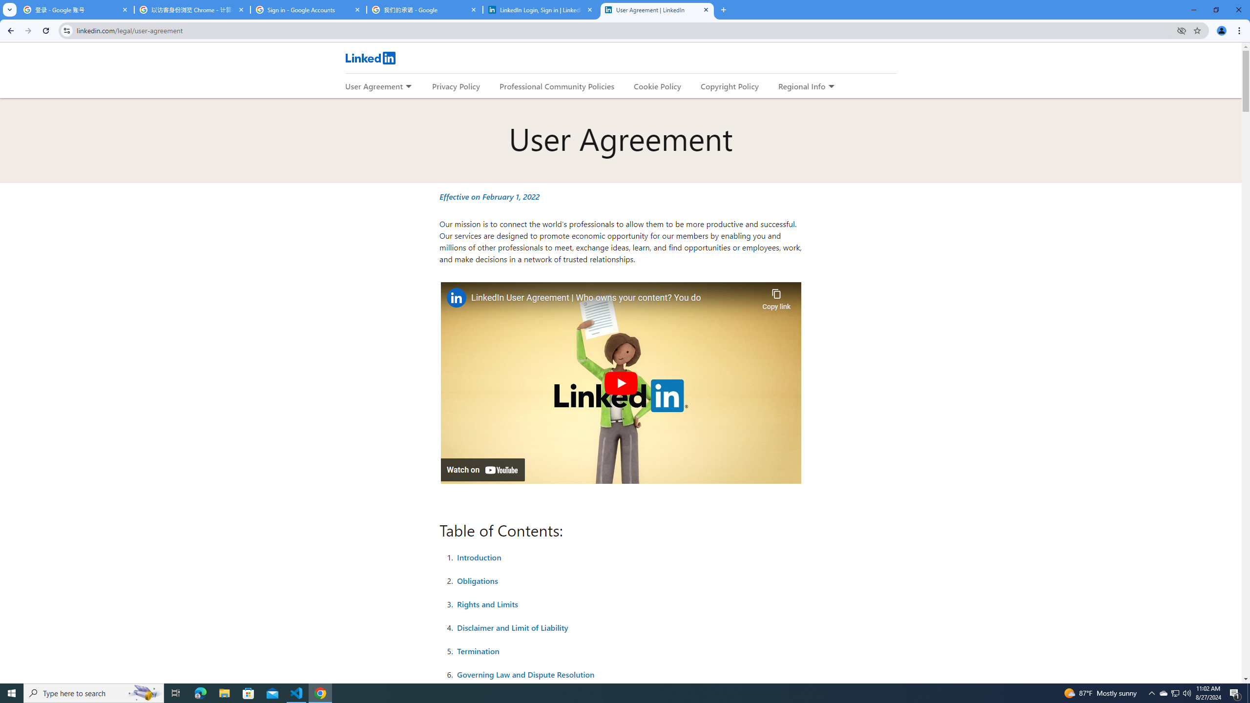 This screenshot has width=1250, height=703. What do you see at coordinates (478, 650) in the screenshot?
I see `'Termination'` at bounding box center [478, 650].